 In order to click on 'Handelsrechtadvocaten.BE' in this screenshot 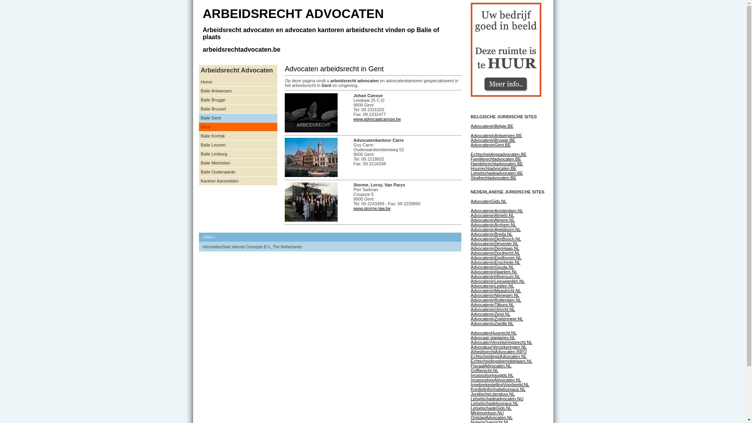, I will do `click(496, 163)`.